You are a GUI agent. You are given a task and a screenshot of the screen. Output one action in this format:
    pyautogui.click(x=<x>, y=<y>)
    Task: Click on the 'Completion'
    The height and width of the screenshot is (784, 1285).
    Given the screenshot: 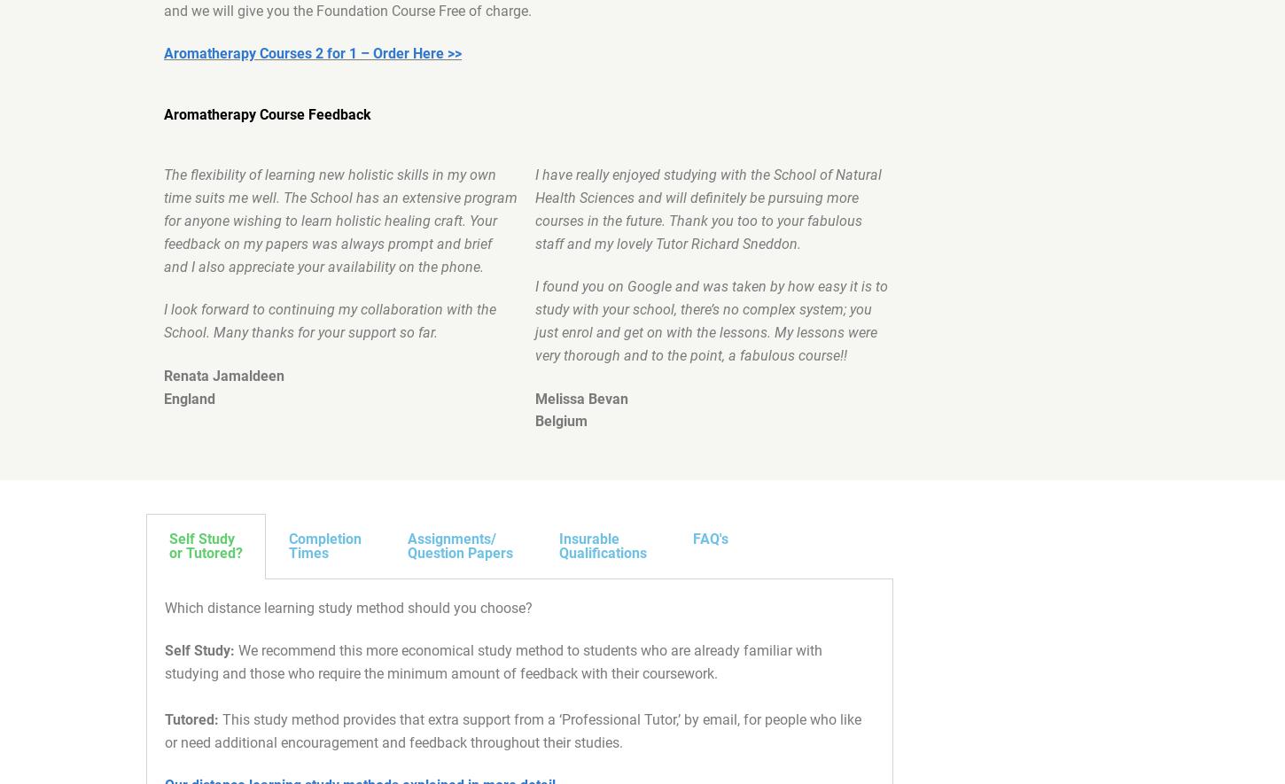 What is the action you would take?
    pyautogui.click(x=323, y=537)
    